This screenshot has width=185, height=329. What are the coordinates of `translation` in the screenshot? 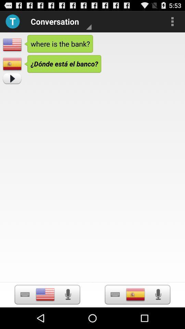 It's located at (12, 78).